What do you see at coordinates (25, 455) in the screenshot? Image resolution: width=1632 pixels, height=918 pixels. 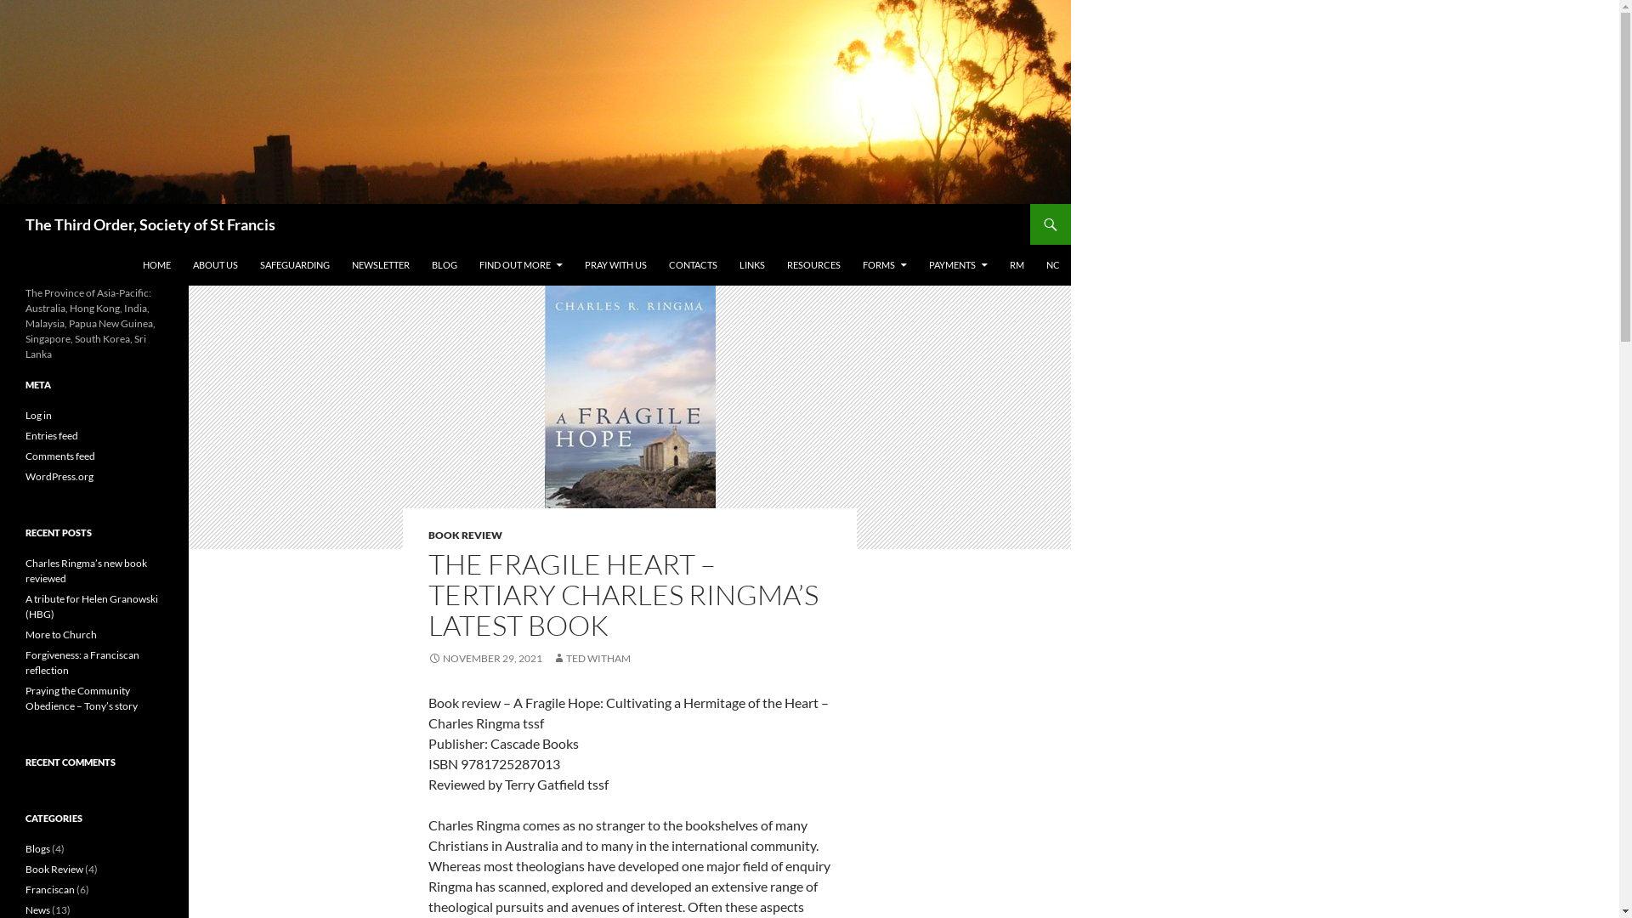 I see `'Comments feed'` at bounding box center [25, 455].